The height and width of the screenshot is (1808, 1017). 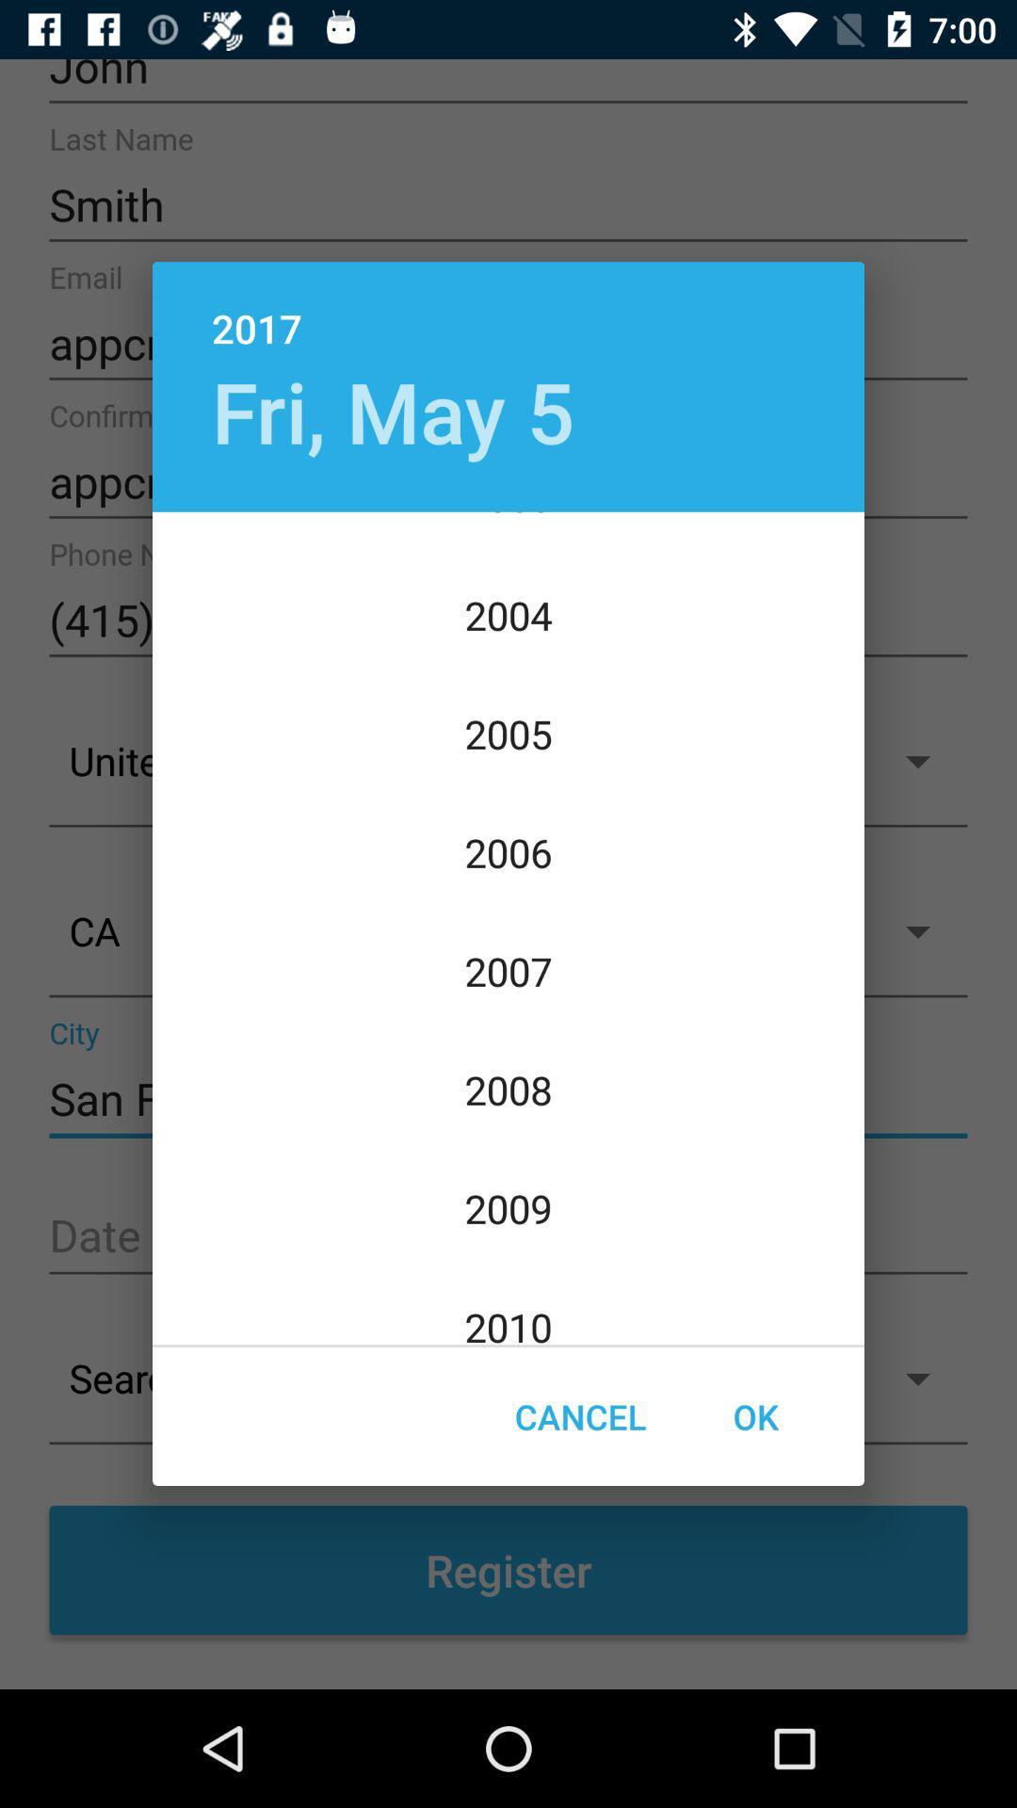 What do you see at coordinates (392, 410) in the screenshot?
I see `the icon above 2003` at bounding box center [392, 410].